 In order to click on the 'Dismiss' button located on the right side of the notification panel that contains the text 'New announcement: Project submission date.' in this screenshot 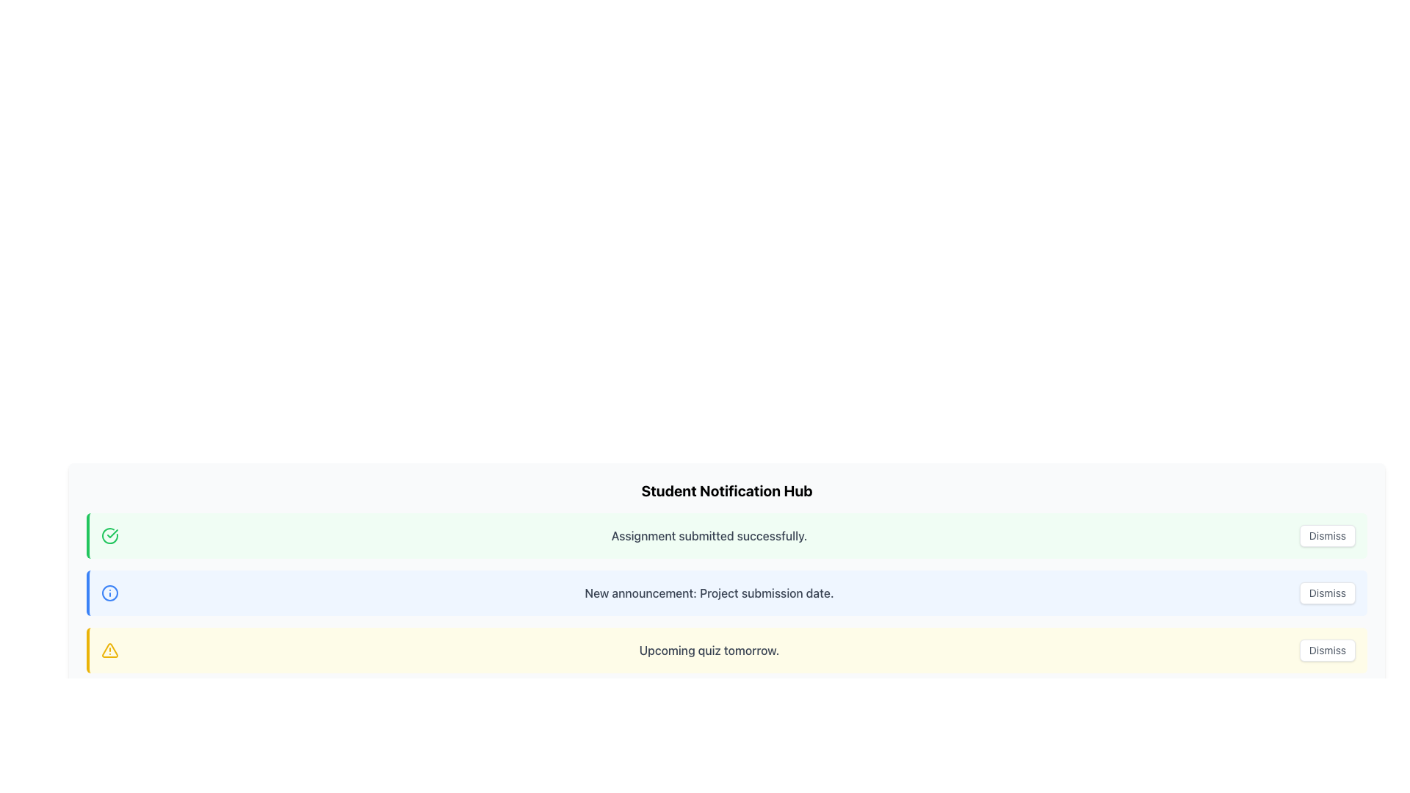, I will do `click(1327, 592)`.